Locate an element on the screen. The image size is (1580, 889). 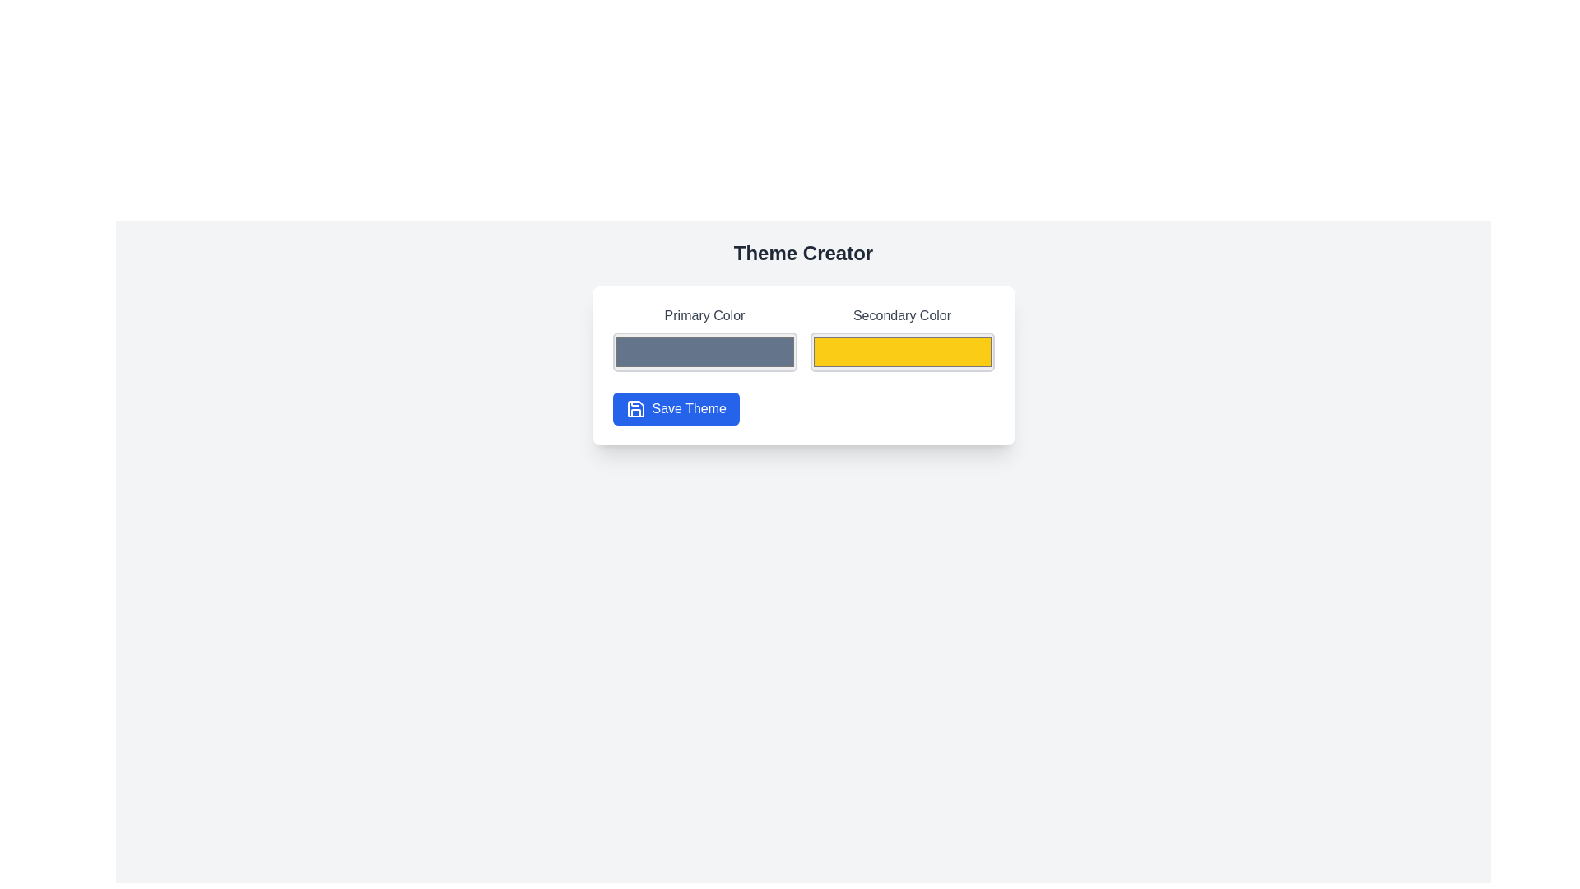
the rectangular color picker box with a yellow fill and a thin gray border, positioned next to the 'Primary Color' box is located at coordinates (901, 351).